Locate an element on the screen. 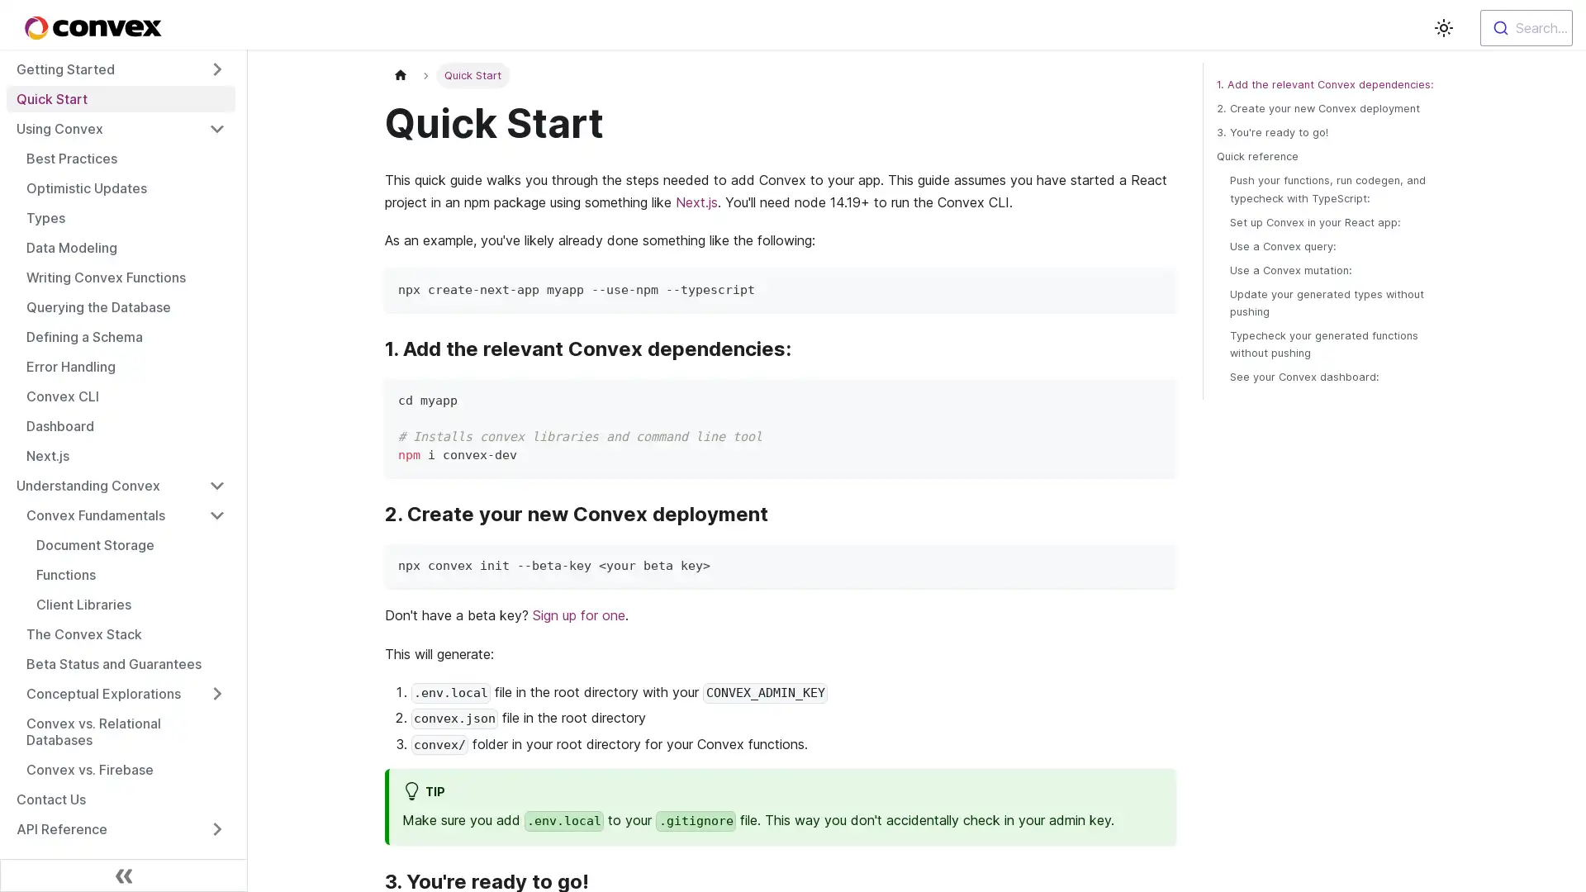 This screenshot has width=1586, height=892. Toggle the collapsible sidebar category 'API Reference' is located at coordinates (216, 828).